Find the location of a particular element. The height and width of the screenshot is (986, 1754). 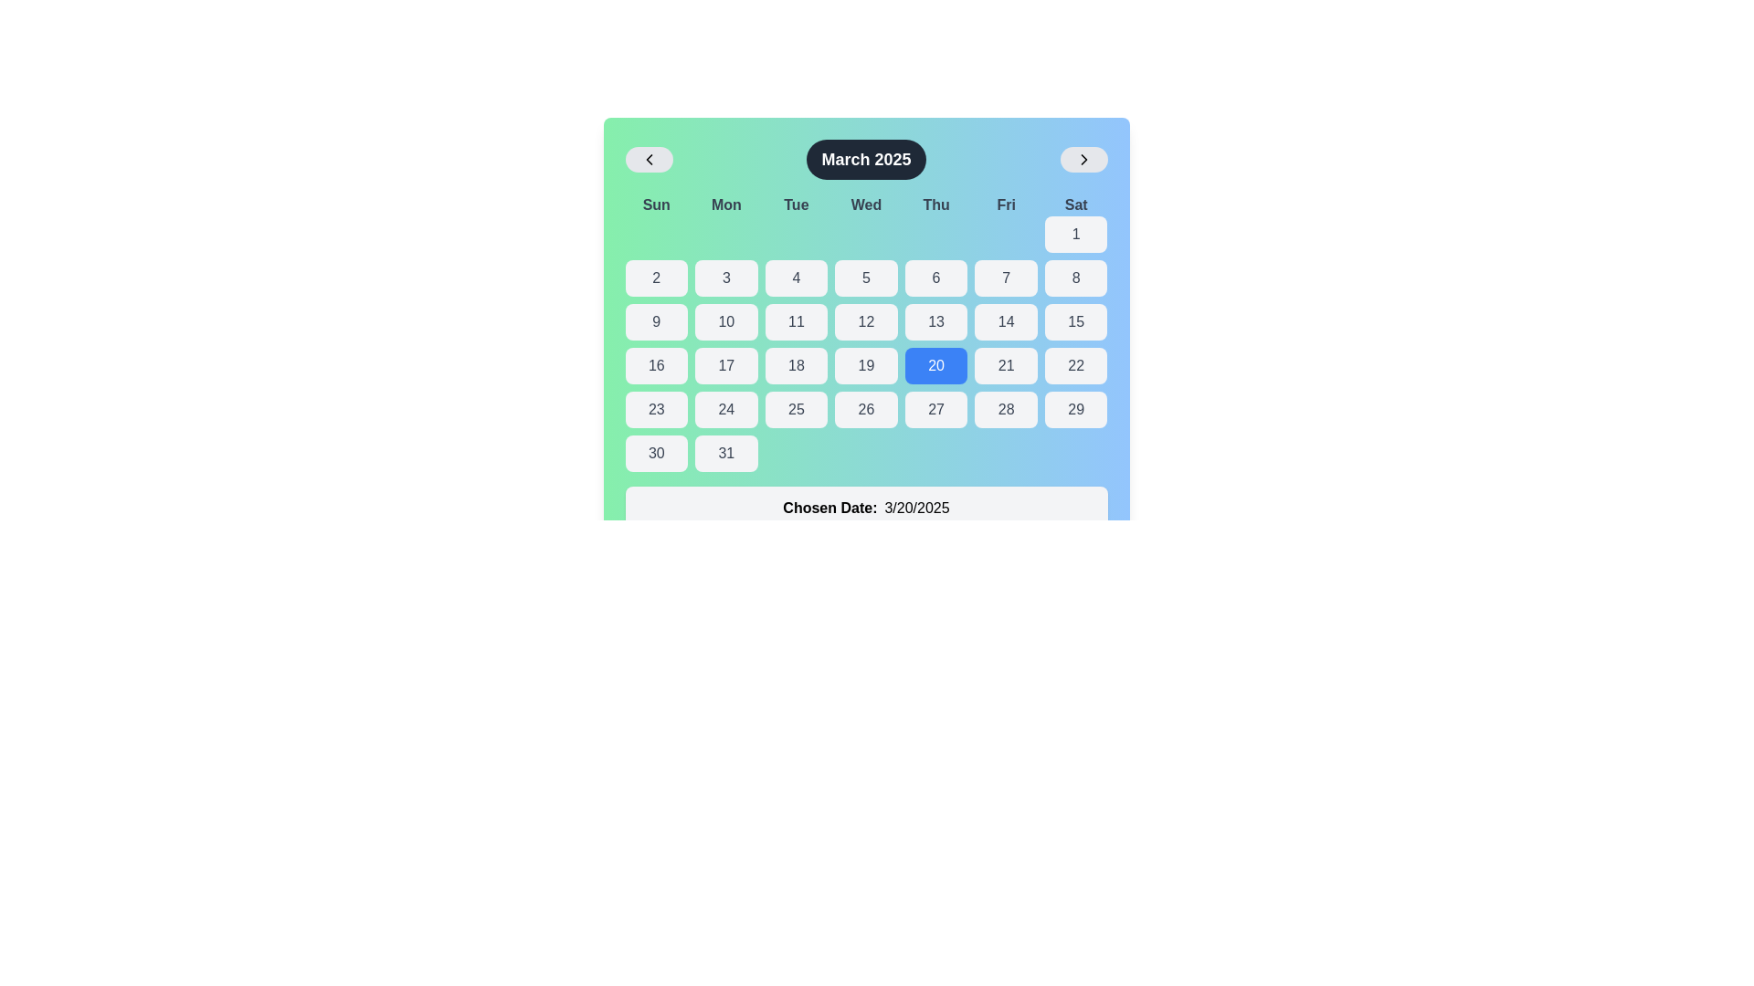

the rounded rectangular button labeled '15' located is located at coordinates (1075, 321).